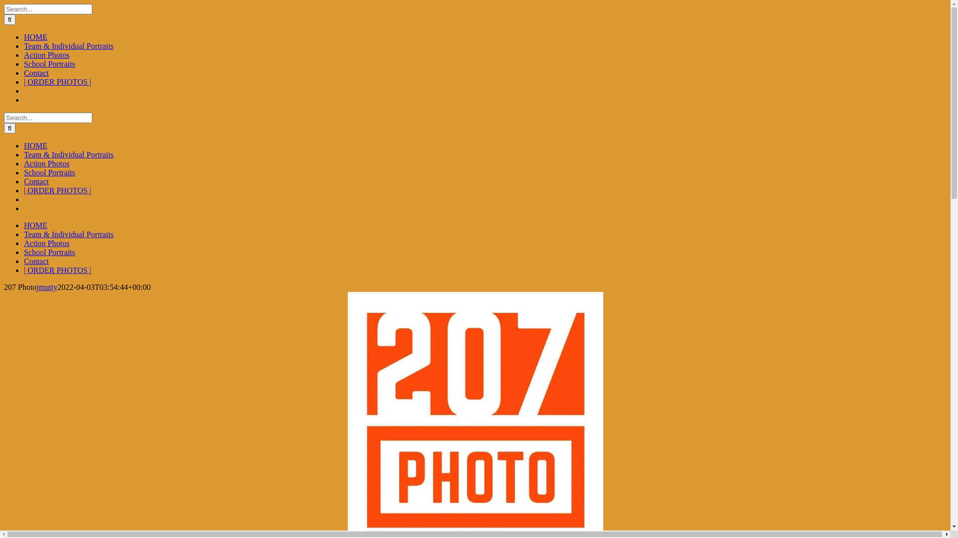 This screenshot has width=958, height=538. Describe the element at coordinates (36, 181) in the screenshot. I see `'Contact'` at that location.